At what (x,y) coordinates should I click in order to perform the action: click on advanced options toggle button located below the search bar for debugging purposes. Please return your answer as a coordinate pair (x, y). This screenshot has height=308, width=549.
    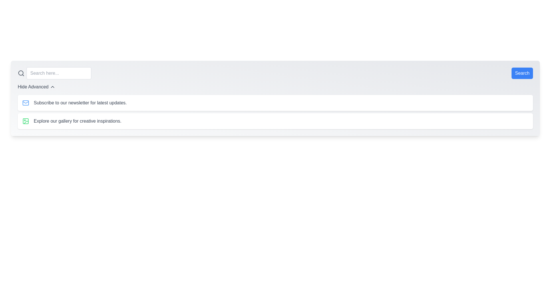
    Looking at the image, I should click on (36, 87).